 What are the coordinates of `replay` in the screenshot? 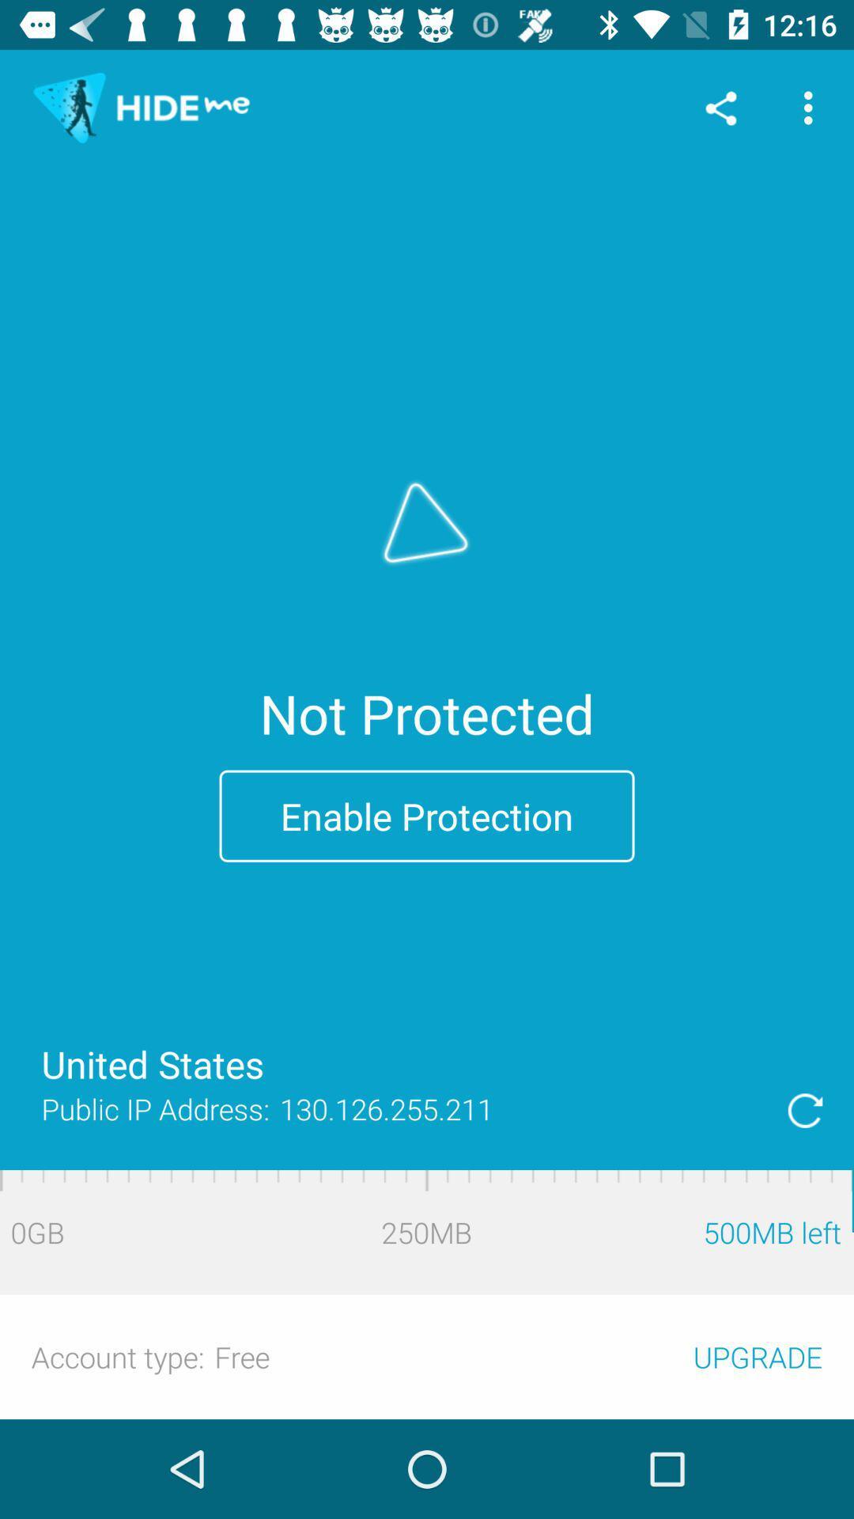 It's located at (805, 1109).